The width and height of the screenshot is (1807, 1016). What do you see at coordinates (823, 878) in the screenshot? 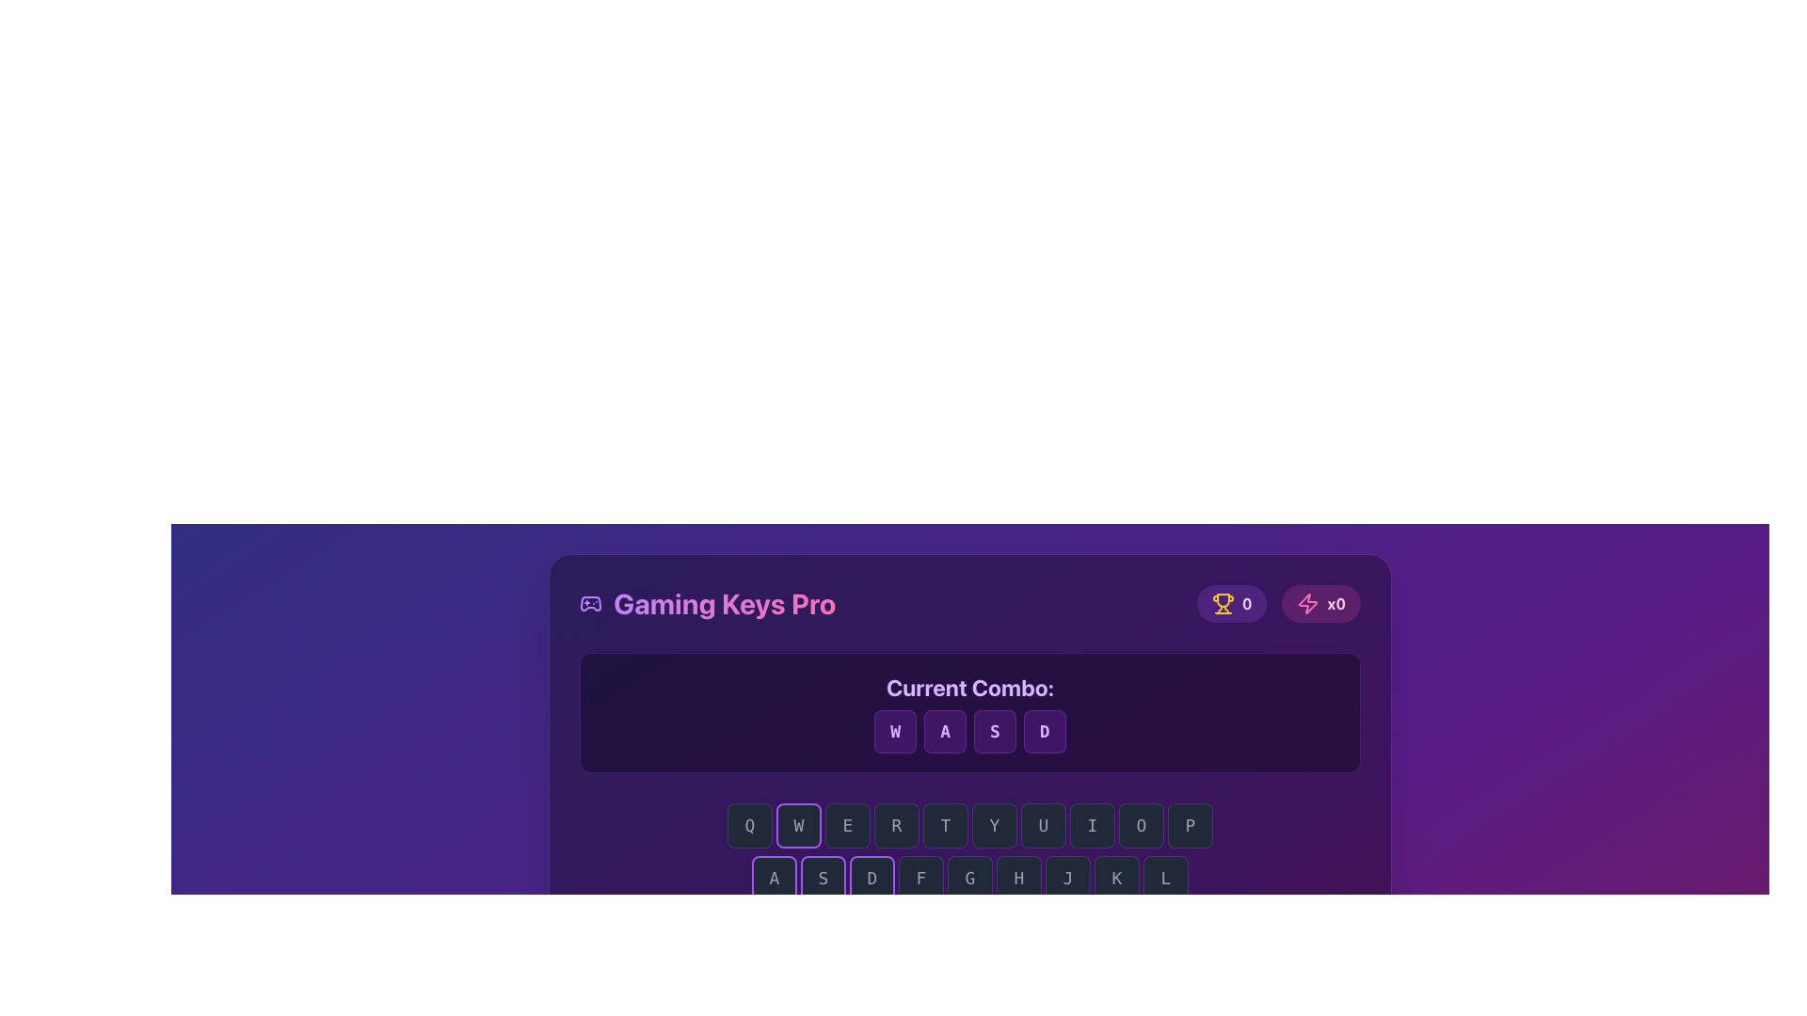
I see `the non-interactive button element located in the bottom row of buttons labeled 'ASDFGHJKL', specifically the second button from the left` at bounding box center [823, 878].